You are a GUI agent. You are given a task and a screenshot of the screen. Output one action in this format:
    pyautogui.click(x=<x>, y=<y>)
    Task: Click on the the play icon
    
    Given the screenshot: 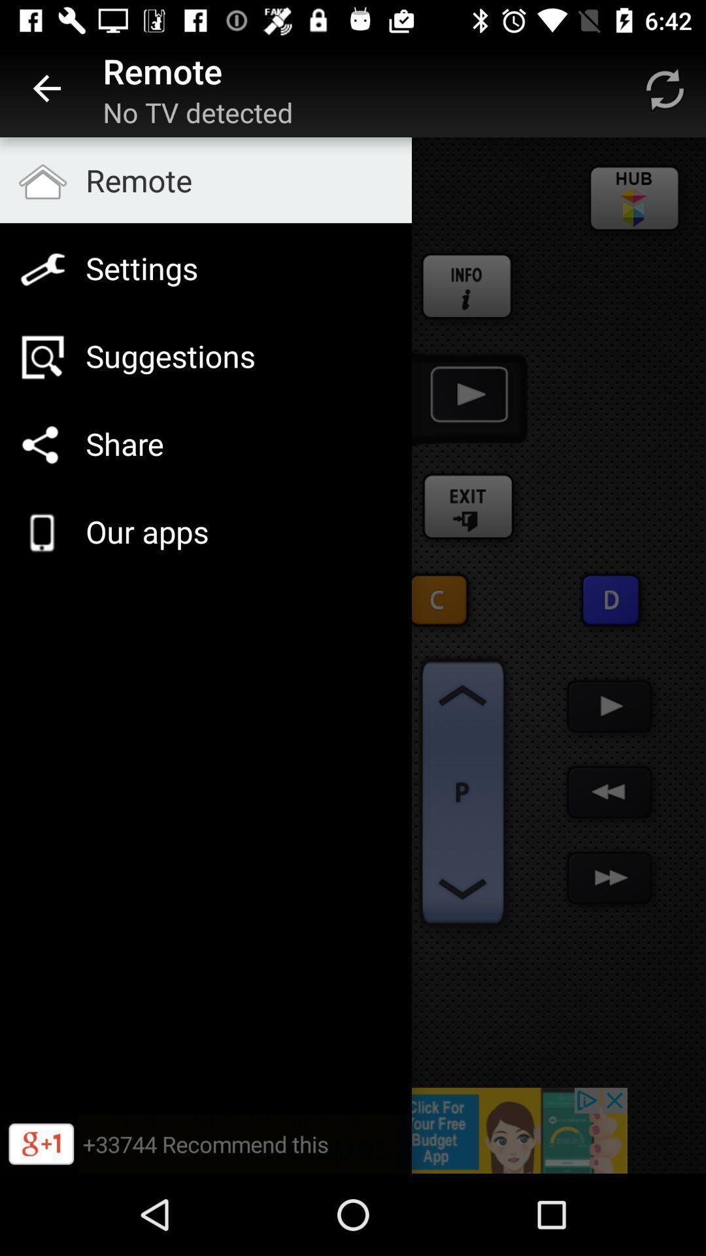 What is the action you would take?
    pyautogui.click(x=466, y=396)
    